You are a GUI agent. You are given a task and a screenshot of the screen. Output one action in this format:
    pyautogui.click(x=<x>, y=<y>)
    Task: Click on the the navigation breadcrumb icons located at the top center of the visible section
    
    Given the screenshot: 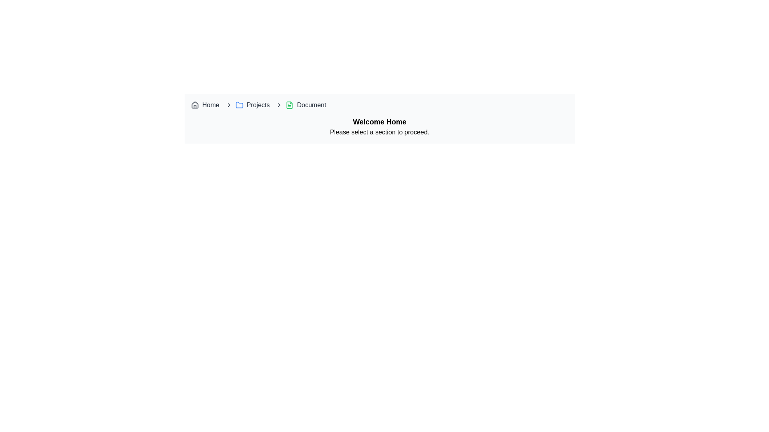 What is the action you would take?
    pyautogui.click(x=379, y=104)
    